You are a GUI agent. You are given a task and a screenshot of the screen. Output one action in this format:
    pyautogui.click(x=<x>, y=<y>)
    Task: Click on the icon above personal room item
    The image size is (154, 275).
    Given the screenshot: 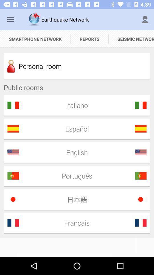 What is the action you would take?
    pyautogui.click(x=131, y=39)
    